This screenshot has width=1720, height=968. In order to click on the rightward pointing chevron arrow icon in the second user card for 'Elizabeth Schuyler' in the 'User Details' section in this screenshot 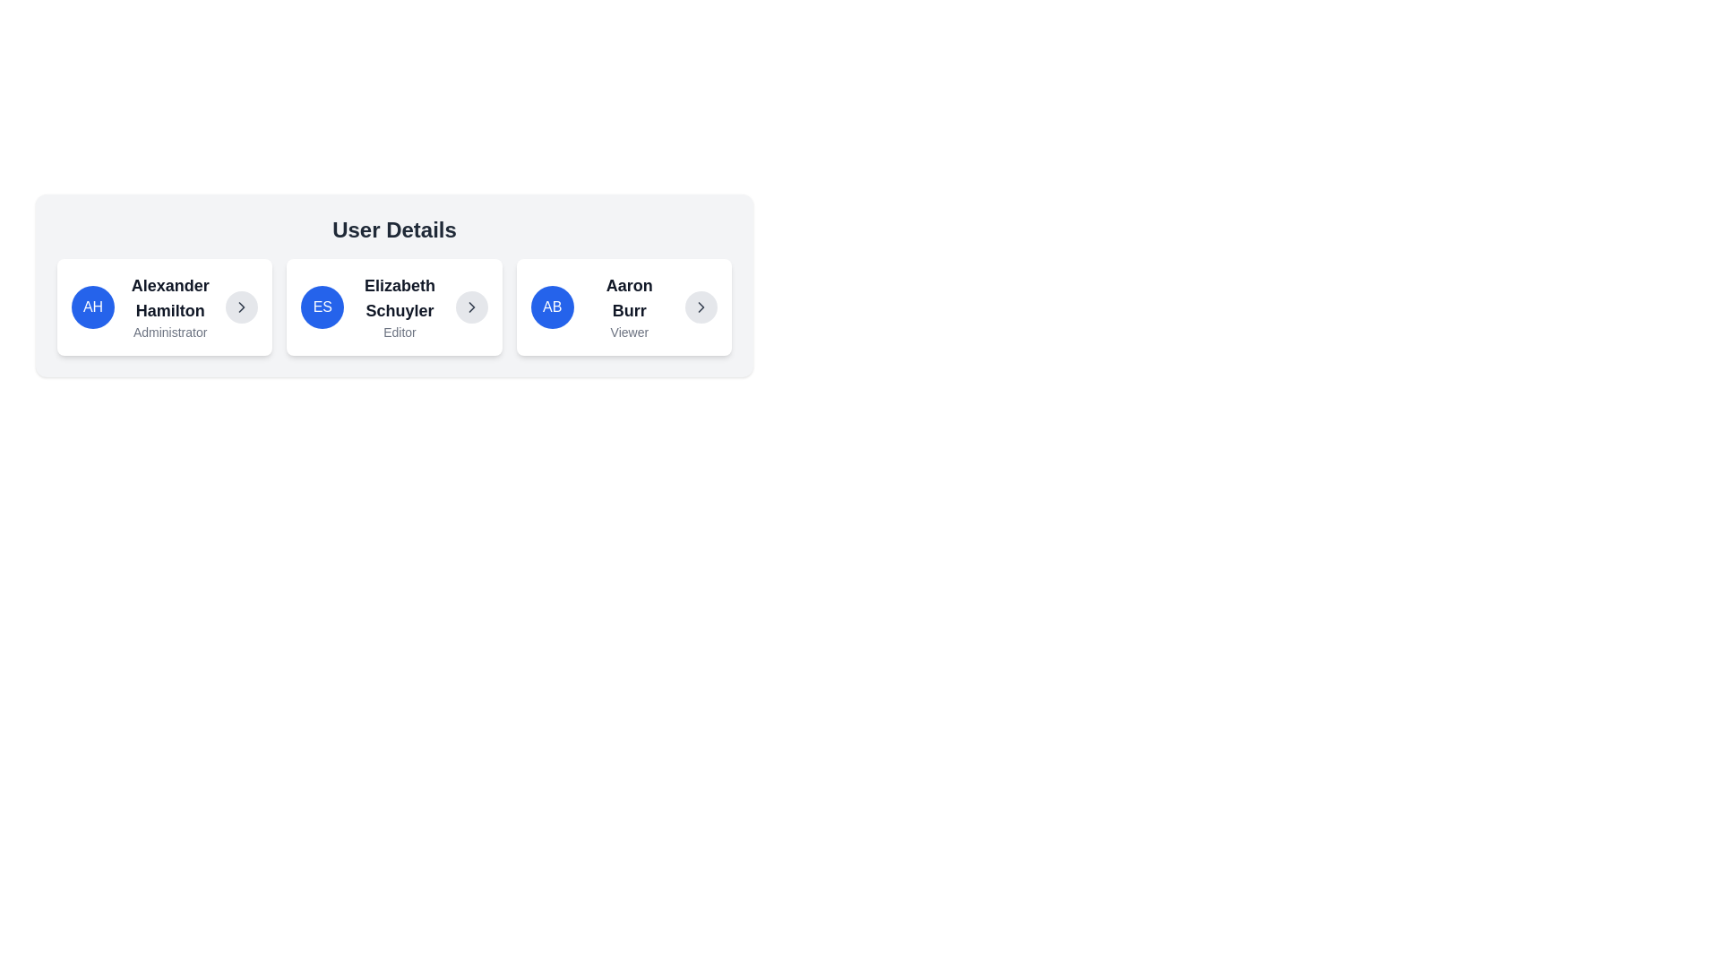, I will do `click(471, 307)`.